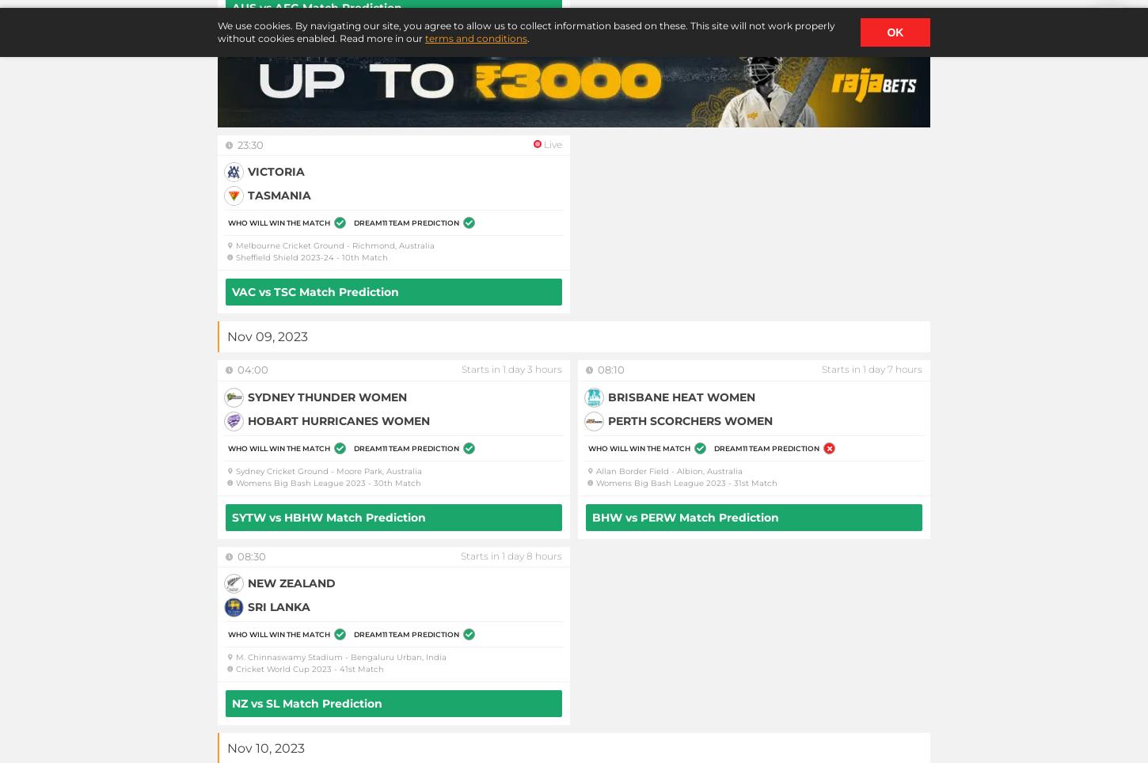 The width and height of the screenshot is (1148, 763). I want to click on '10th Match', so click(363, 256).